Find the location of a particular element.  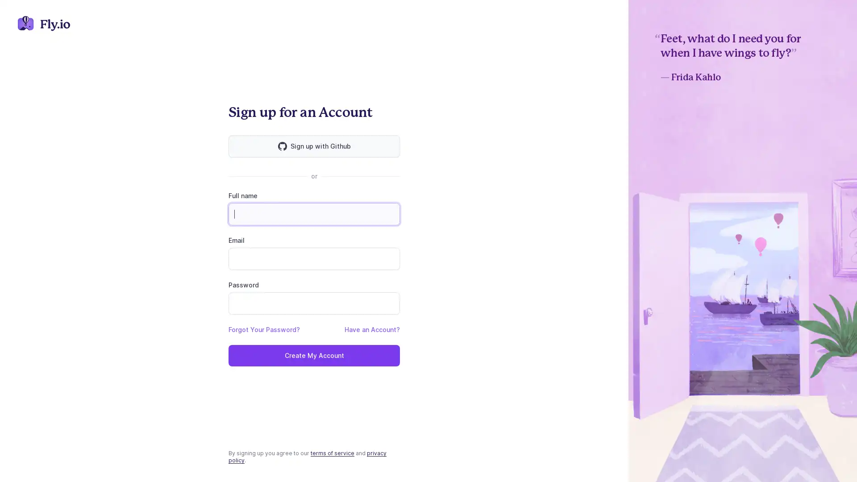

Create My Account is located at coordinates (314, 355).